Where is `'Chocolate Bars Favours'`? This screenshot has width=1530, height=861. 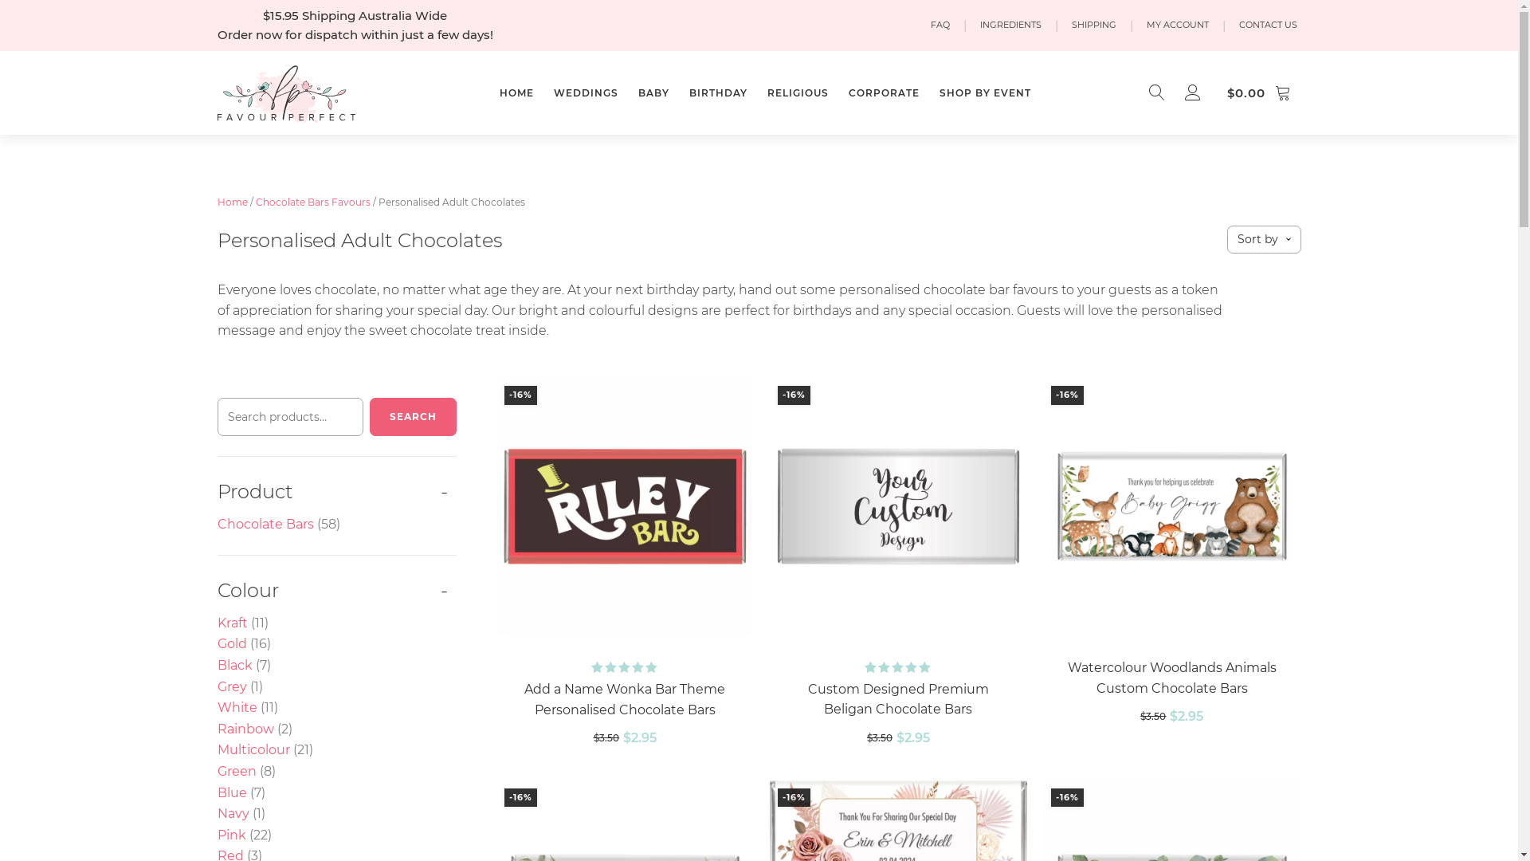 'Chocolate Bars Favours' is located at coordinates (312, 201).